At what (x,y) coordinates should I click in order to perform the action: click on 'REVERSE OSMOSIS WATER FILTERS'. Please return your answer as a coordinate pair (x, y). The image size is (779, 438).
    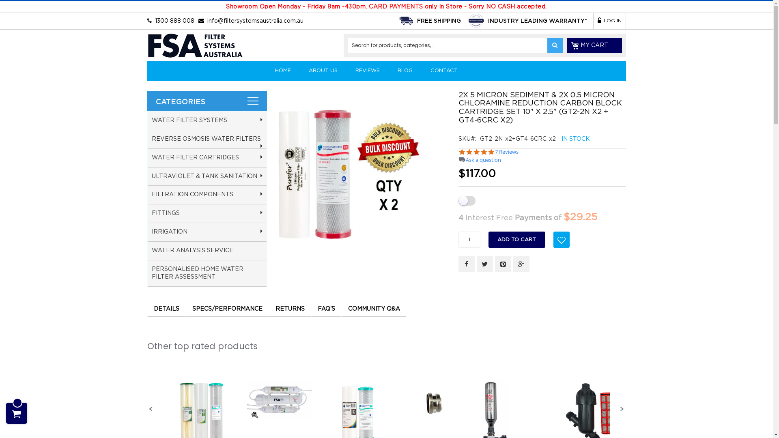
    Looking at the image, I should click on (207, 139).